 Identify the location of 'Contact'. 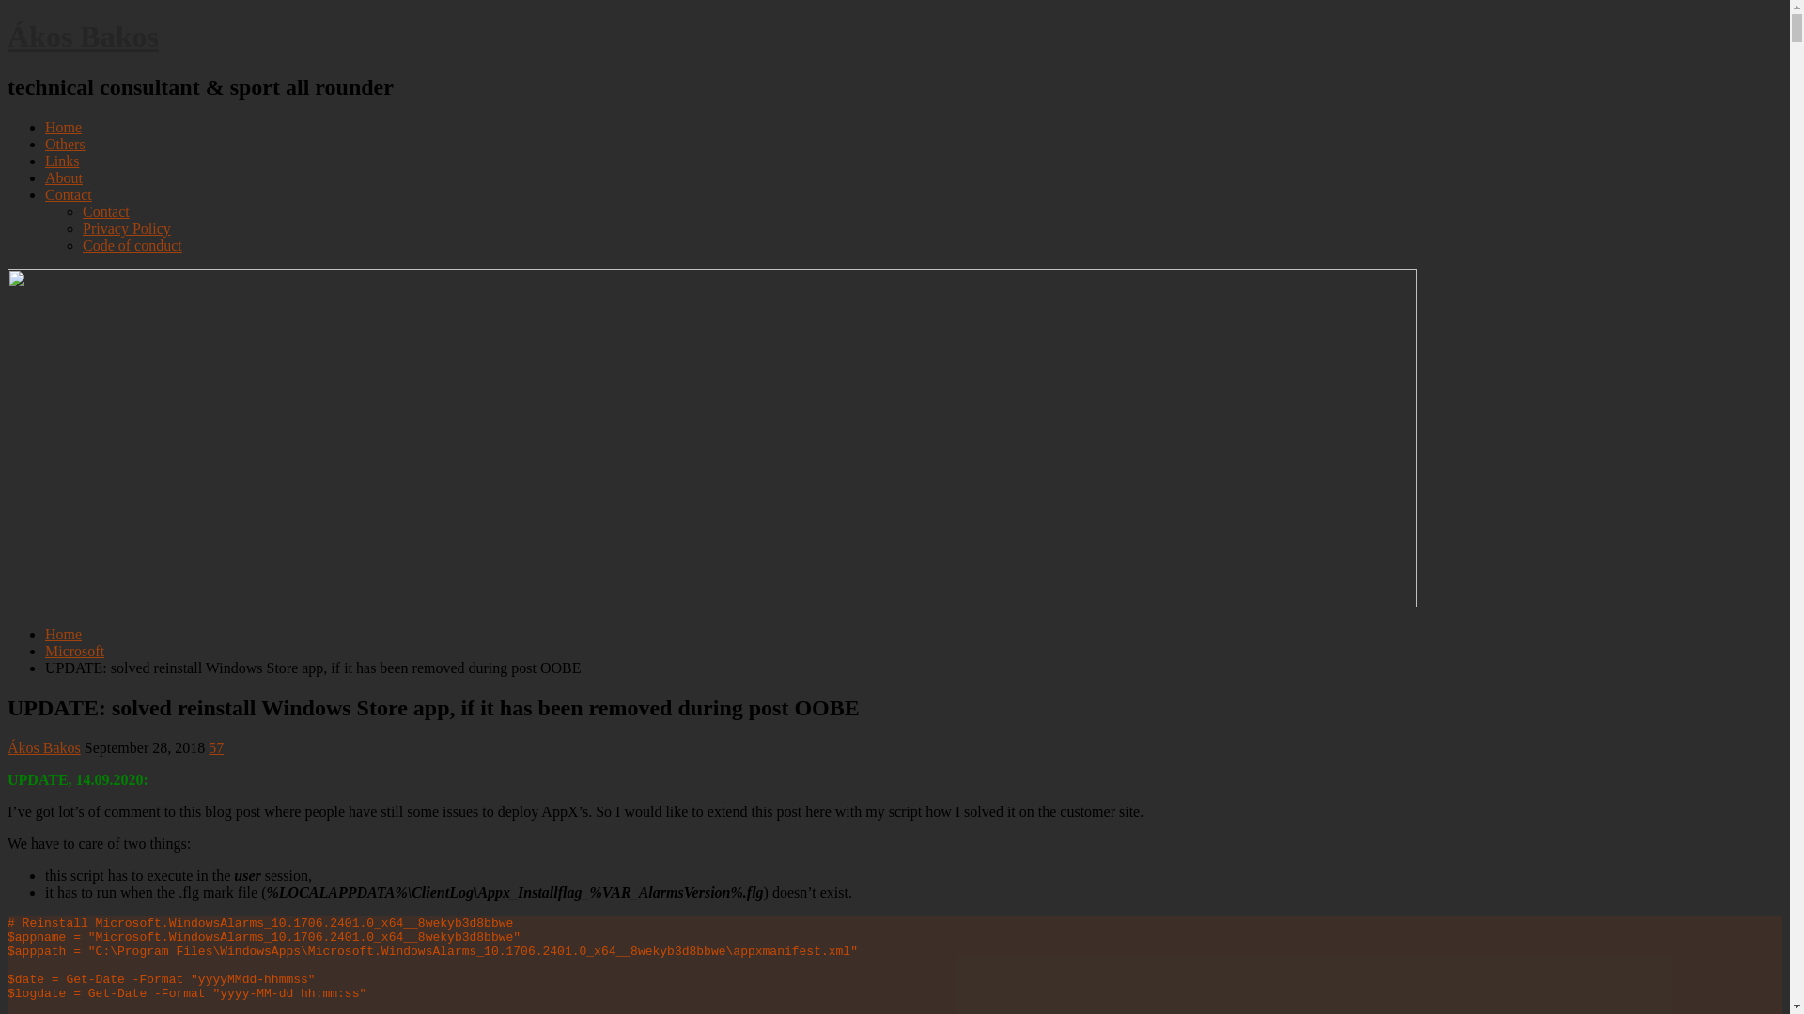
(105, 211).